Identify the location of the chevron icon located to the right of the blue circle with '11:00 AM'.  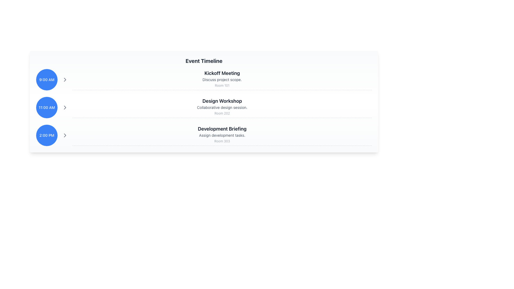
(65, 107).